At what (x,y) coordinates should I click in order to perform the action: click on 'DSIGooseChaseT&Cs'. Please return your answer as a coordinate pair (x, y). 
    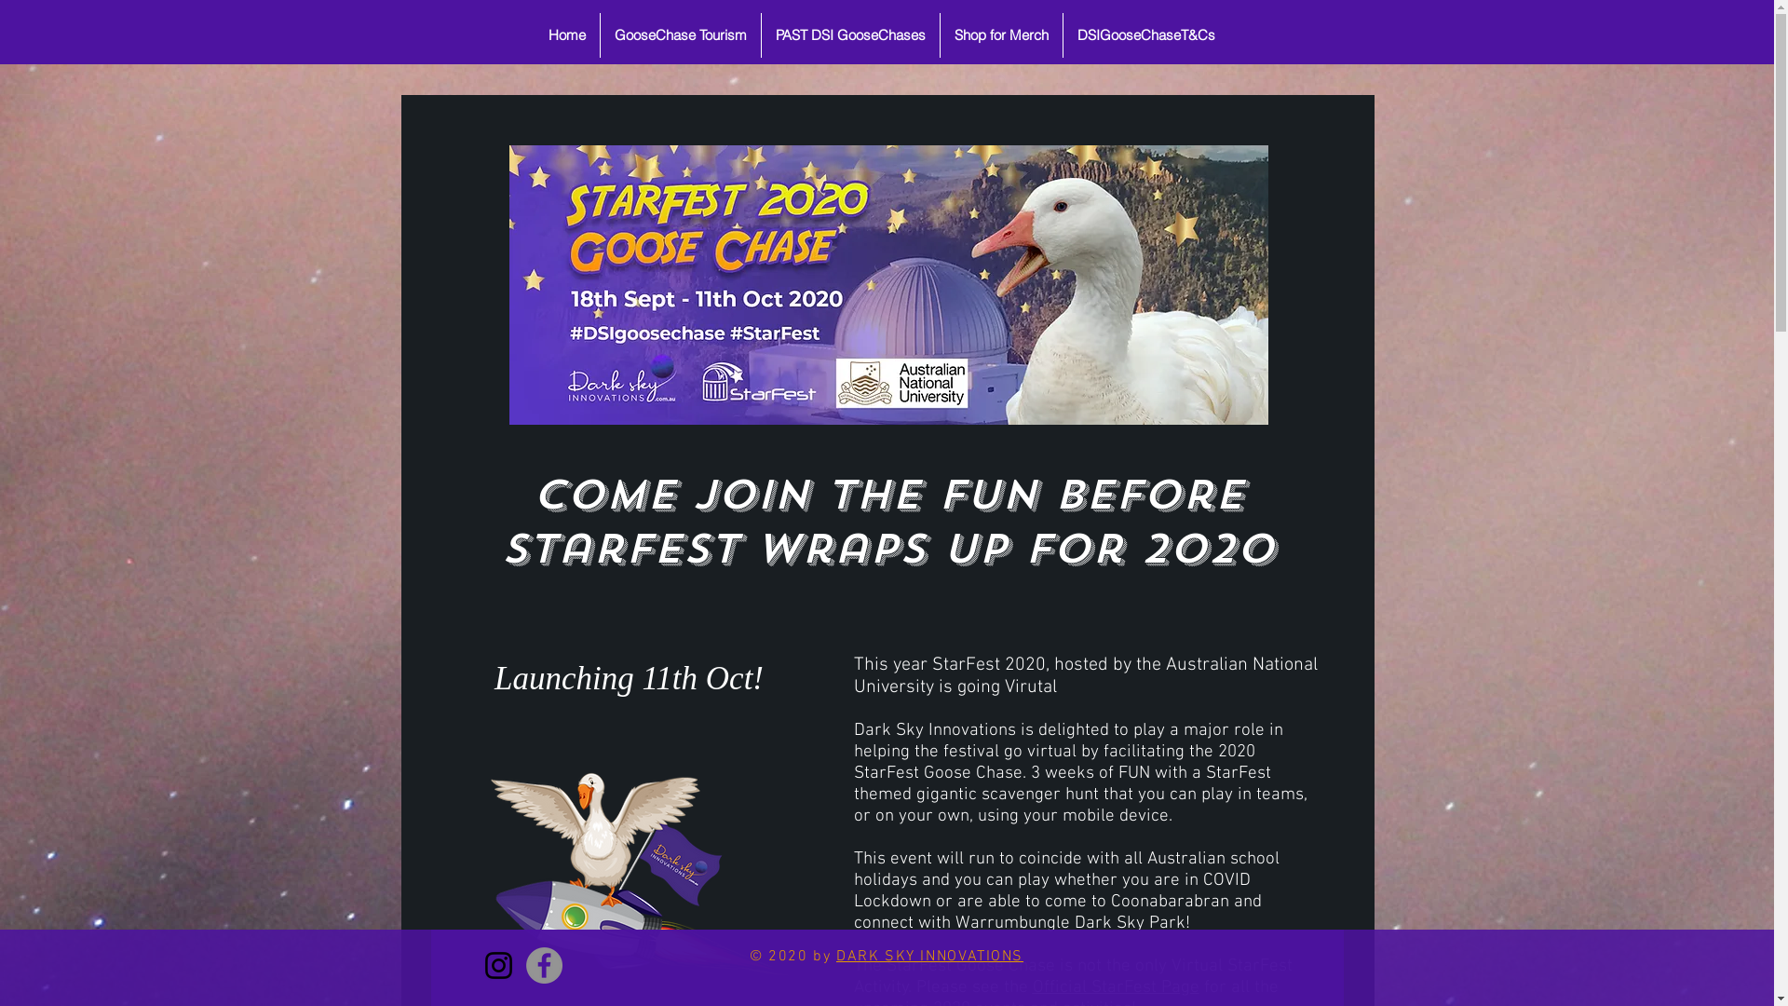
    Looking at the image, I should click on (1063, 35).